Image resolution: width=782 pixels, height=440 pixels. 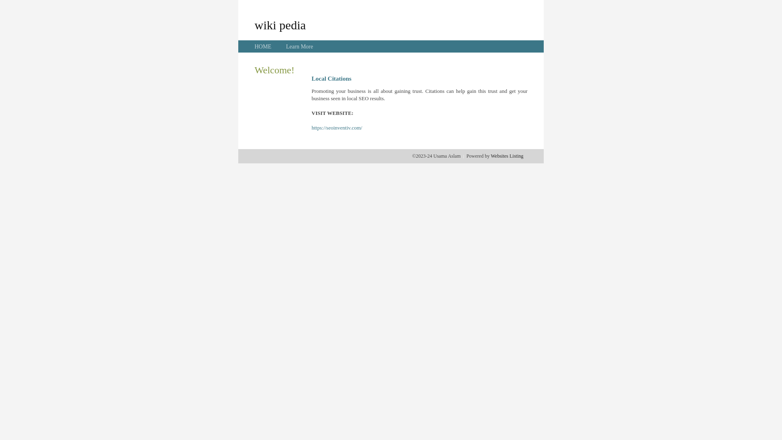 I want to click on 'HOME', so click(x=263, y=46).